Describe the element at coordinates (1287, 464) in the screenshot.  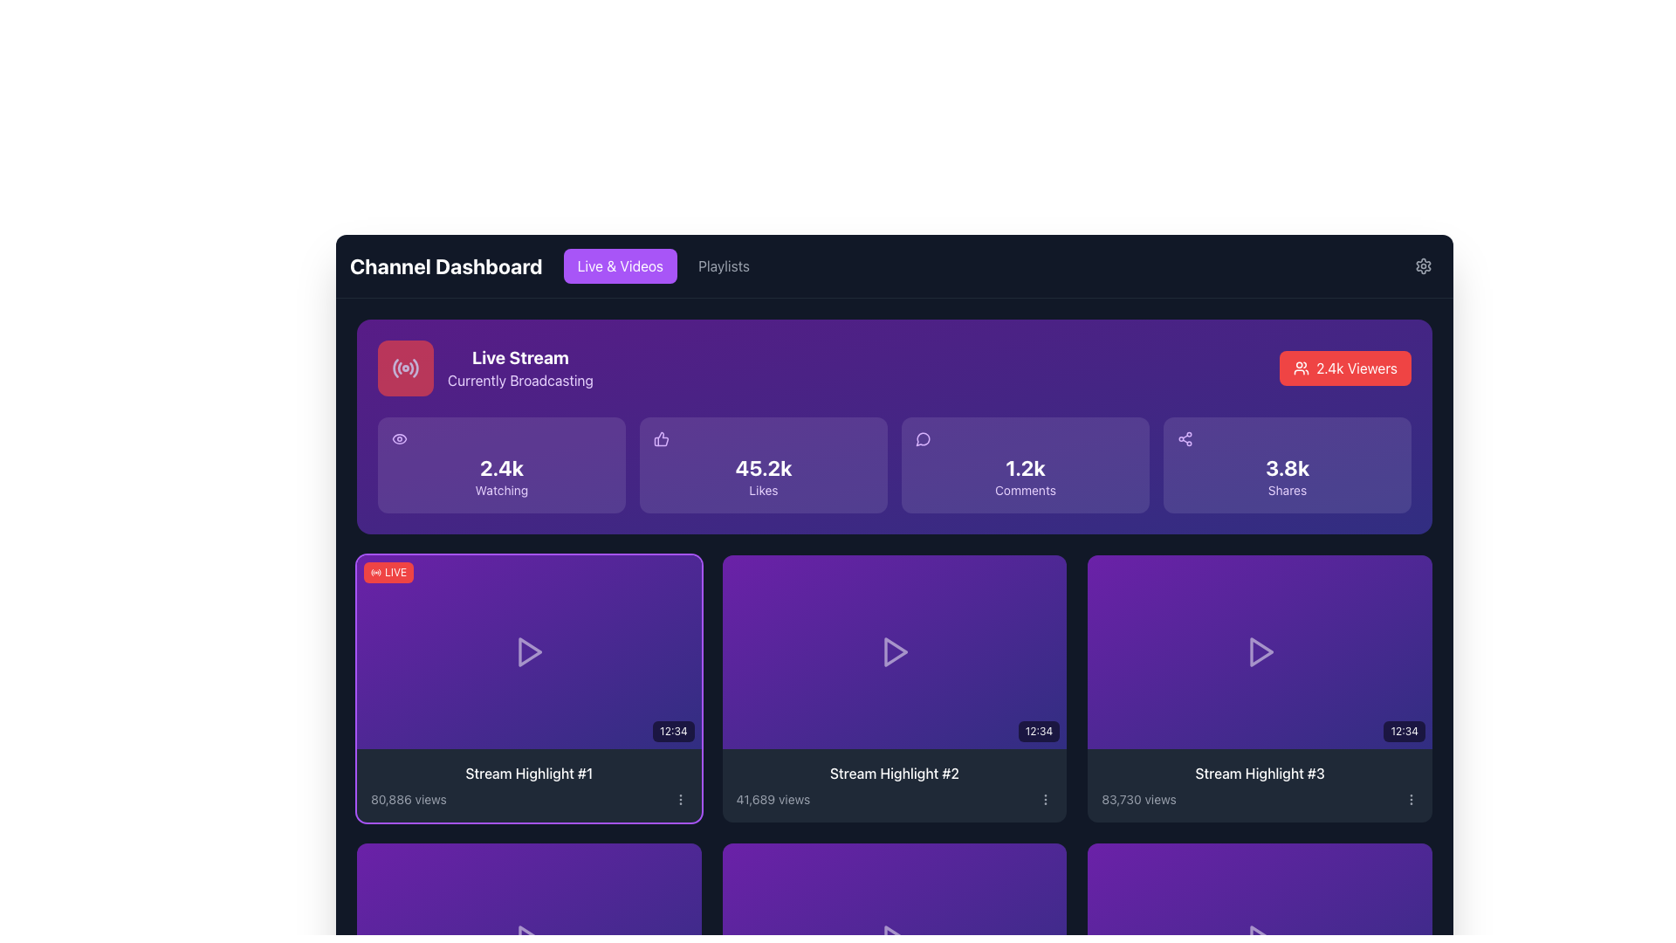
I see `the Statistic card displaying the count of shares, located in the fourth position from the left in the grid layout, adjacent to the '1.2k Comments' card` at that location.